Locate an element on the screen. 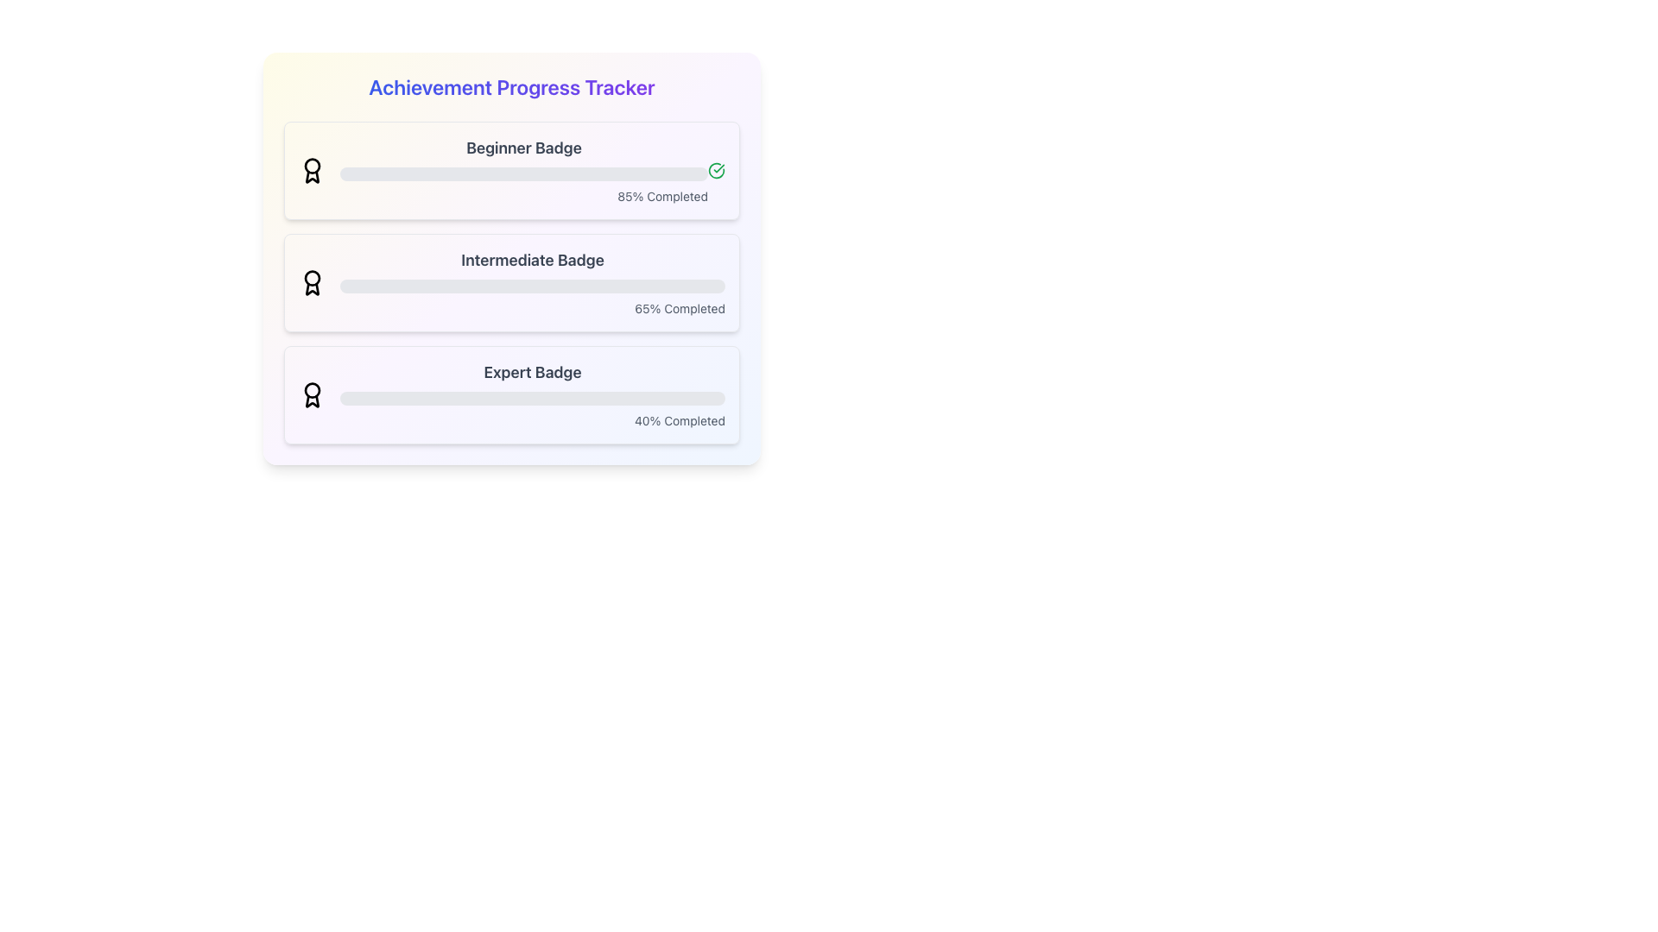 The height and width of the screenshot is (932, 1658). the central circular part of the medal icon, which is the red inner part of the 'Expert Badge' graphical icon component to interact with its functionality is located at coordinates (312, 389).